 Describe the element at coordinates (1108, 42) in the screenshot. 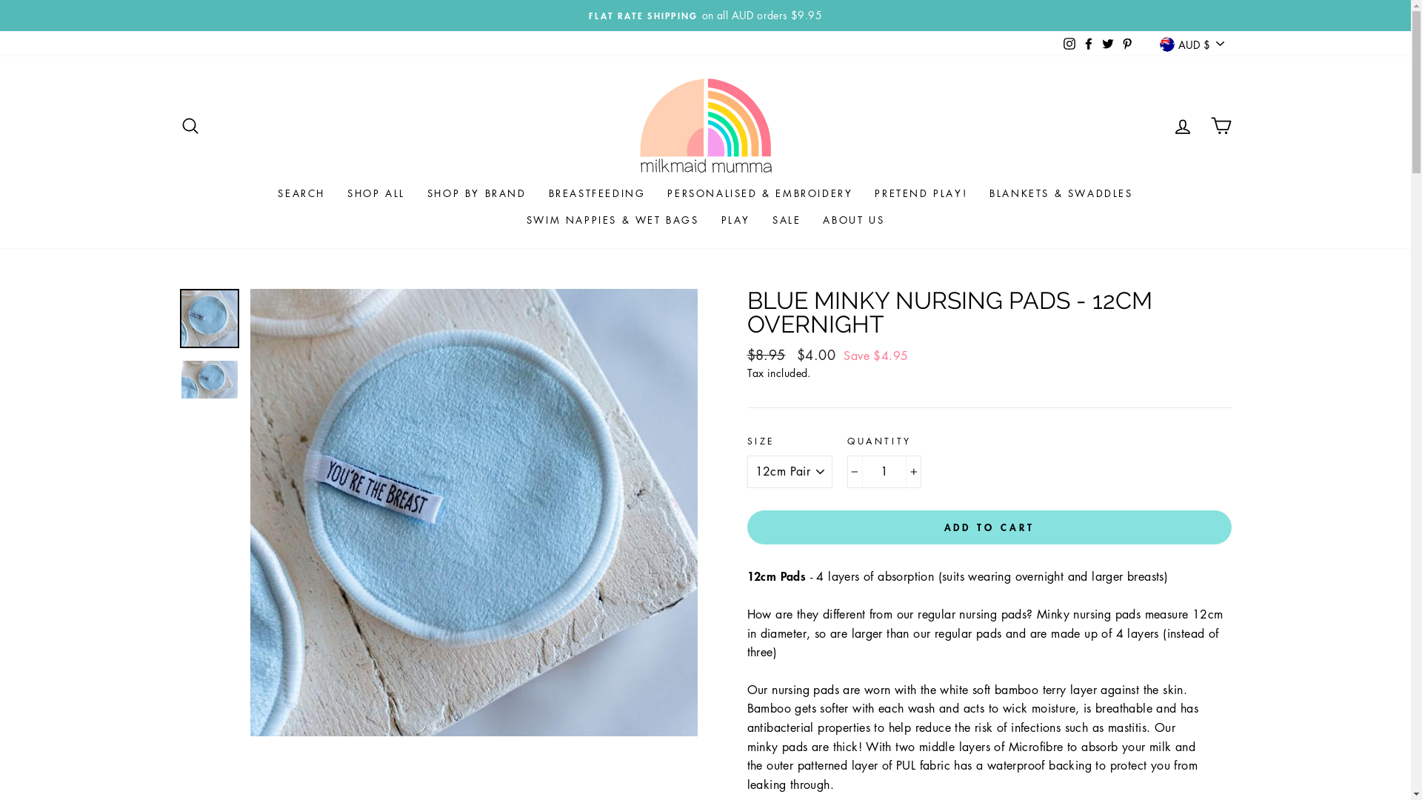

I see `'Twitter'` at that location.